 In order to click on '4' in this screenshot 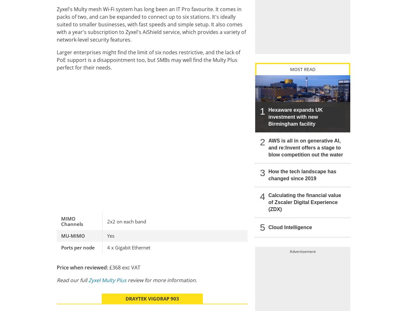, I will do `click(262, 196)`.